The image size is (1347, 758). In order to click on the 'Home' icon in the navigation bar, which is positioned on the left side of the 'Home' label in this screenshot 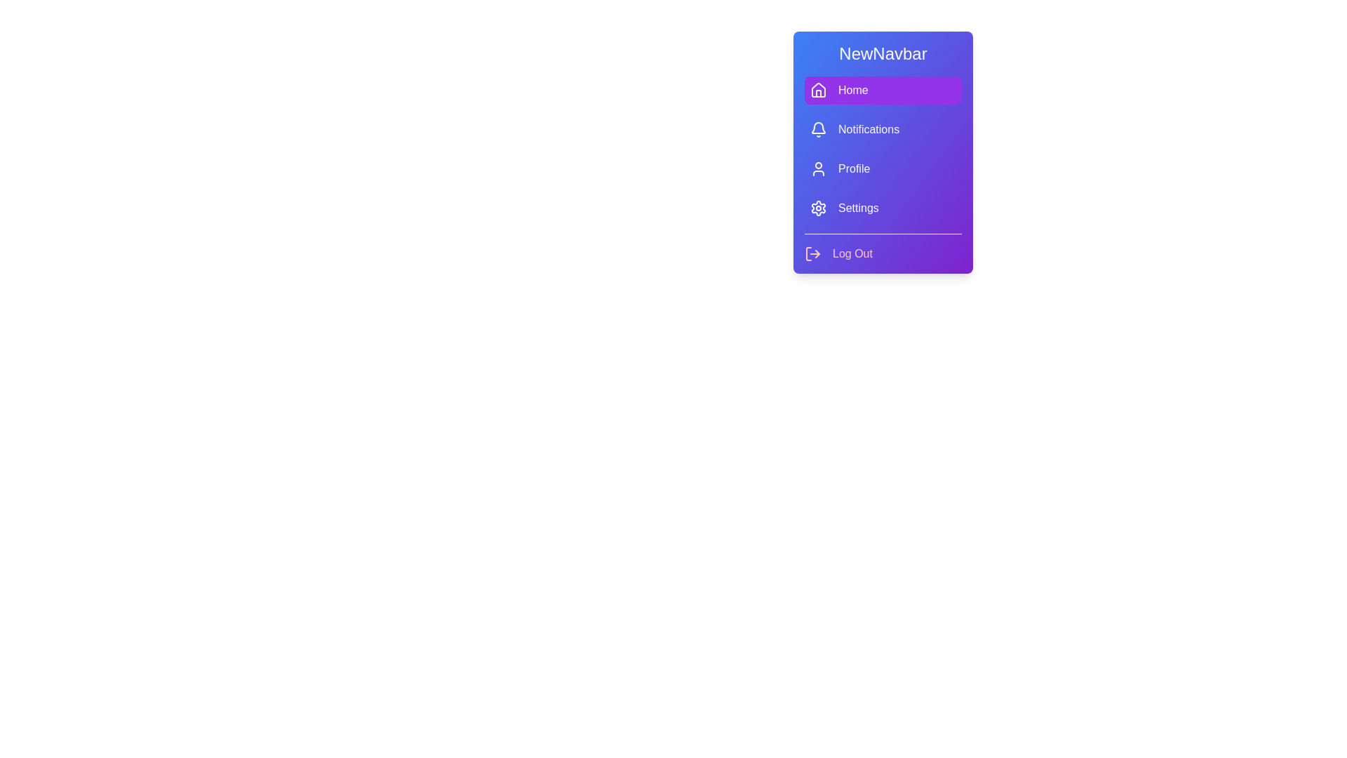, I will do `click(818, 90)`.